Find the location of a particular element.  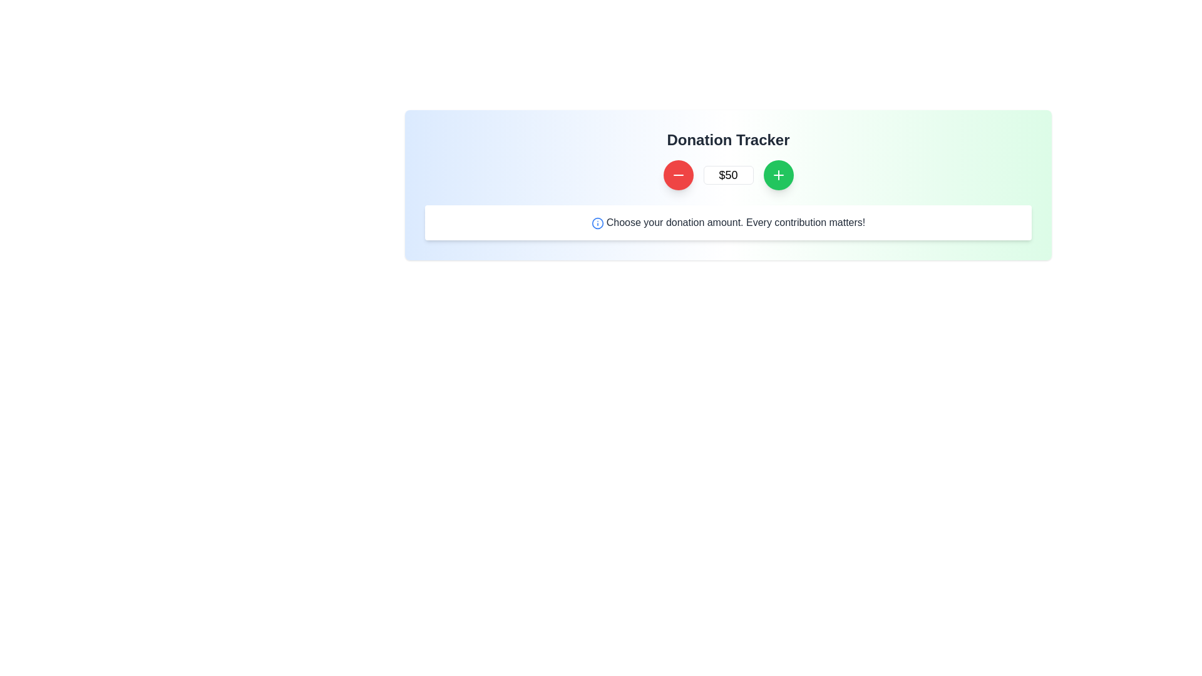

the text input box used for editing the monetary value in the donation tracker, which is centrally aligned and positioned between a minus button and a plus button is located at coordinates (728, 175).